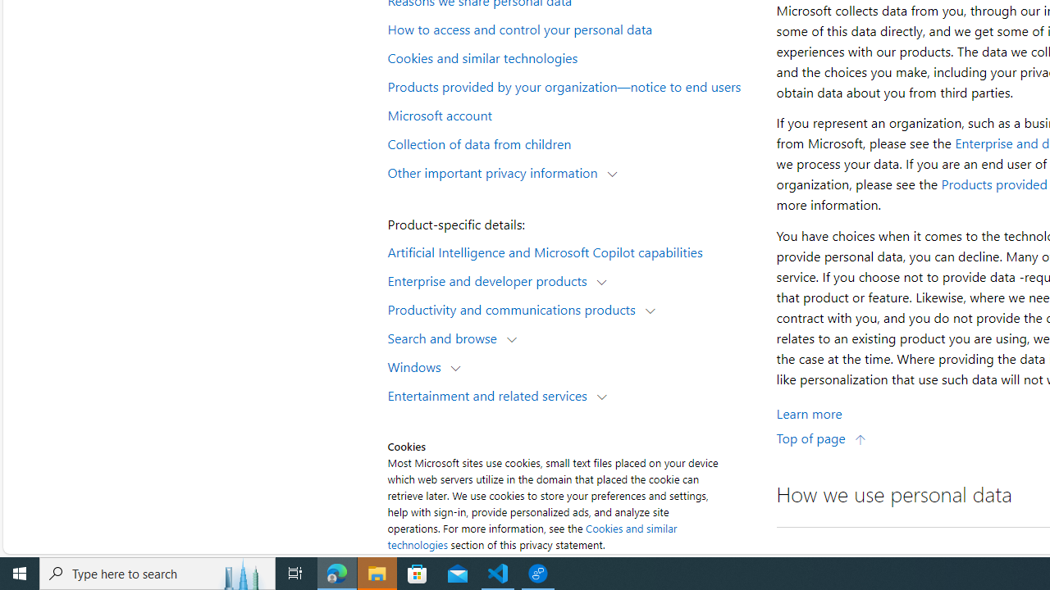  What do you see at coordinates (418, 365) in the screenshot?
I see `'Windows'` at bounding box center [418, 365].